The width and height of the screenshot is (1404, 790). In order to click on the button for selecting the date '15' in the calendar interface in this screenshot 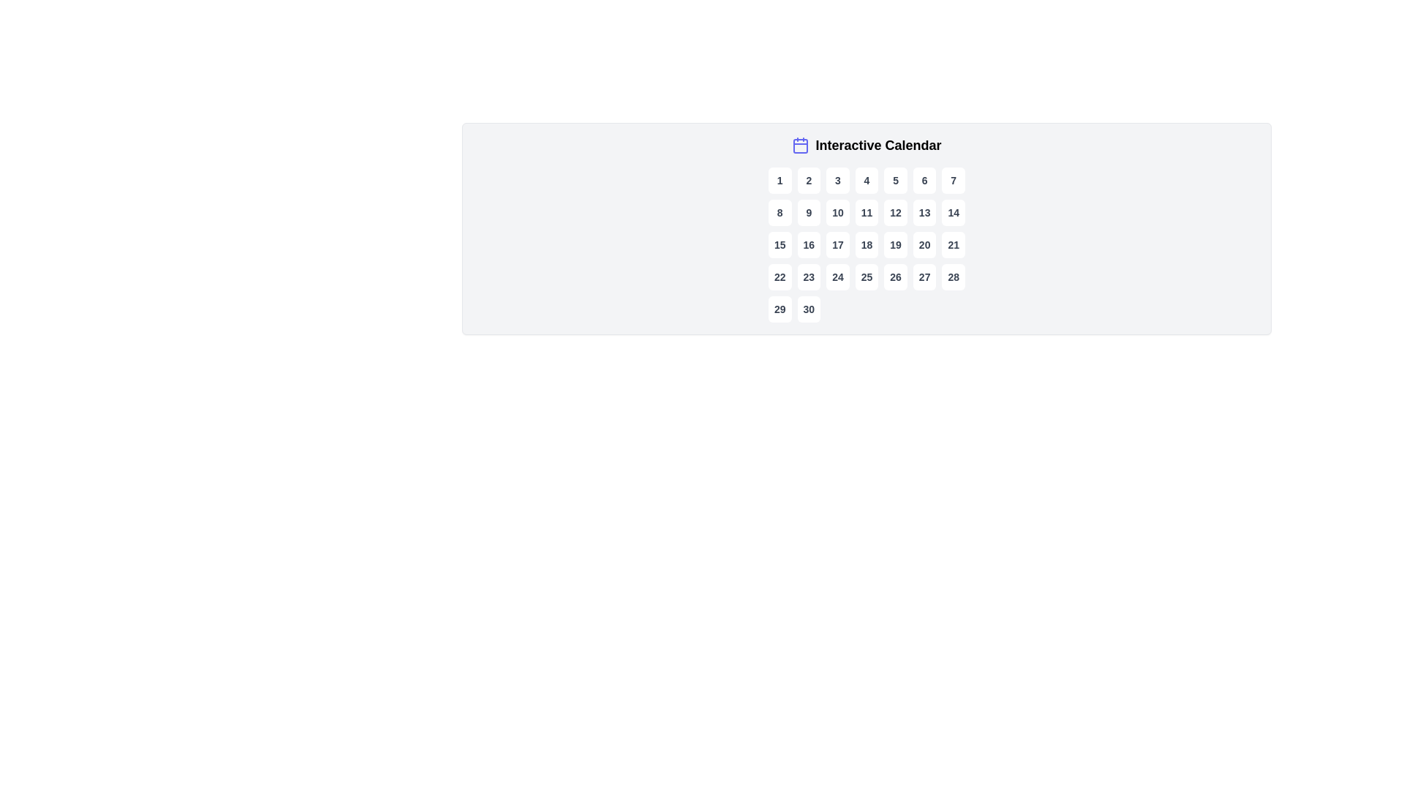, I will do `click(779, 244)`.